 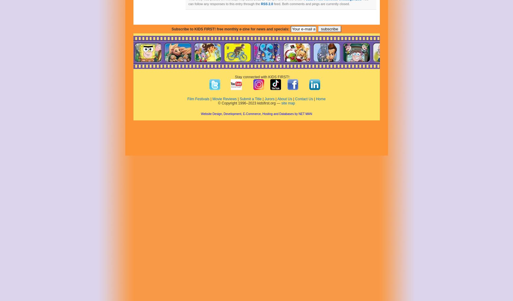 What do you see at coordinates (304, 99) in the screenshot?
I see `'Contact Us'` at bounding box center [304, 99].